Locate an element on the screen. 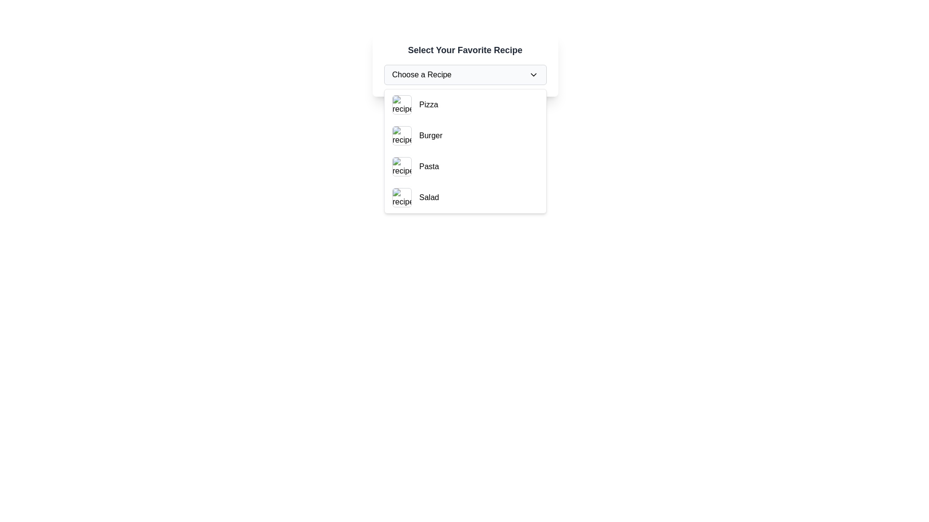 The width and height of the screenshot is (929, 522). the placeholder image for the 'Salad' recipe thumbnail, which is located on the far left of the dropdown entry labeled 'Salad' is located at coordinates (402, 197).